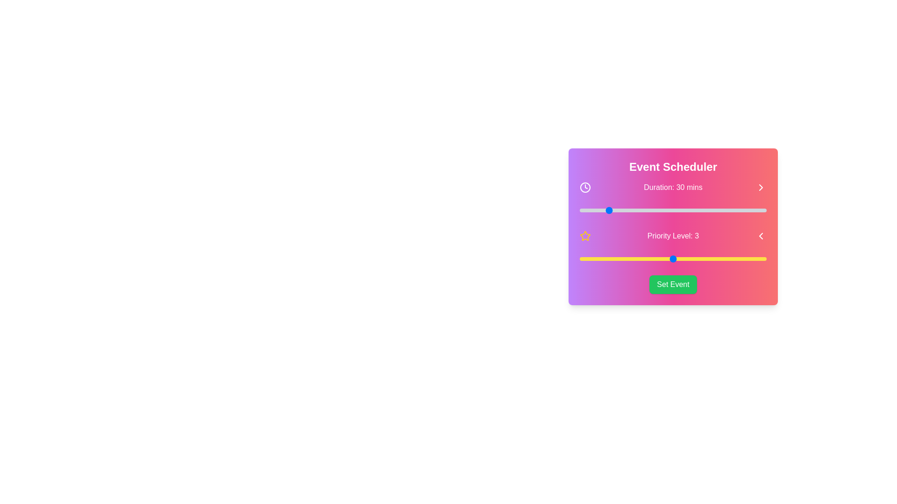 The height and width of the screenshot is (504, 897). Describe the element at coordinates (761, 187) in the screenshot. I see `the last icon button, which is a chevron adjacent to the label 'Duration: 30 mins'` at that location.